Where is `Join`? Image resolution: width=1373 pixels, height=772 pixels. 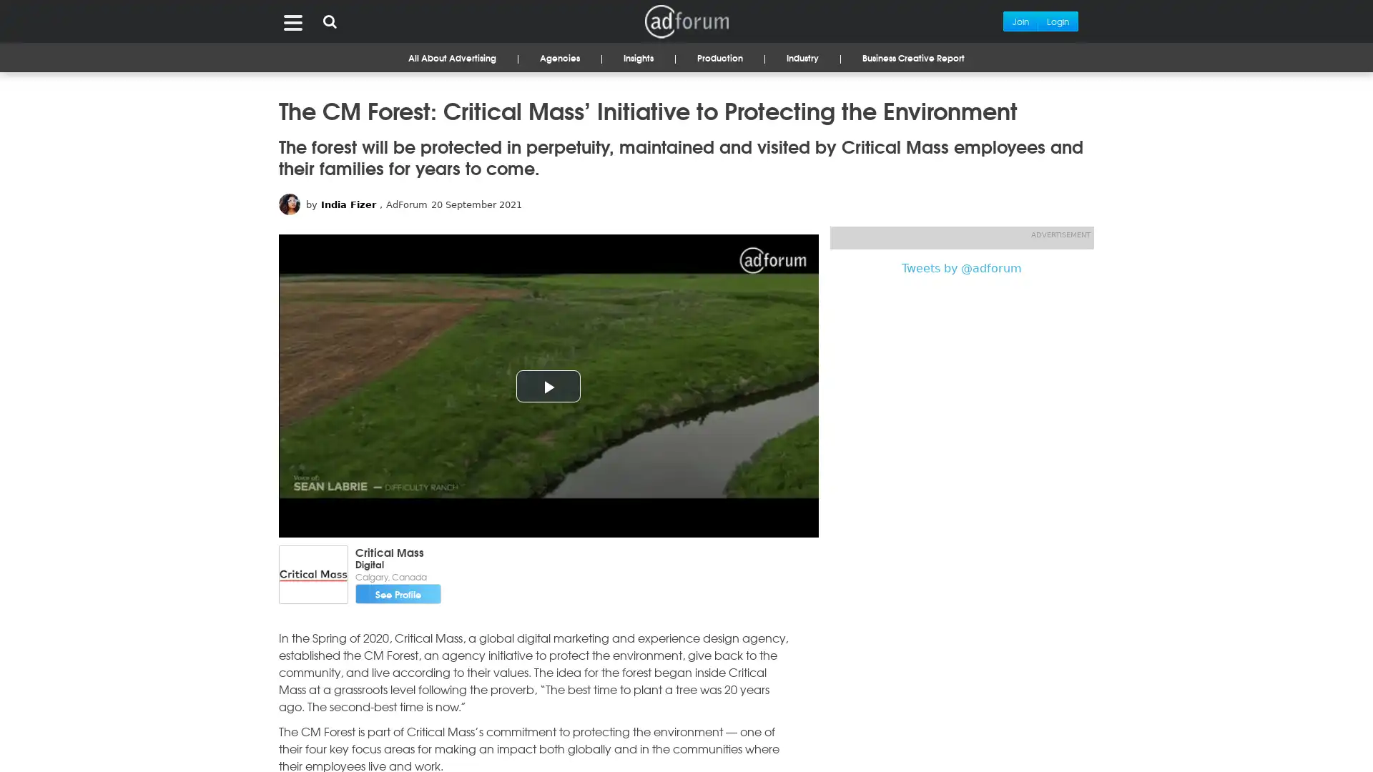
Join is located at coordinates (1020, 21).